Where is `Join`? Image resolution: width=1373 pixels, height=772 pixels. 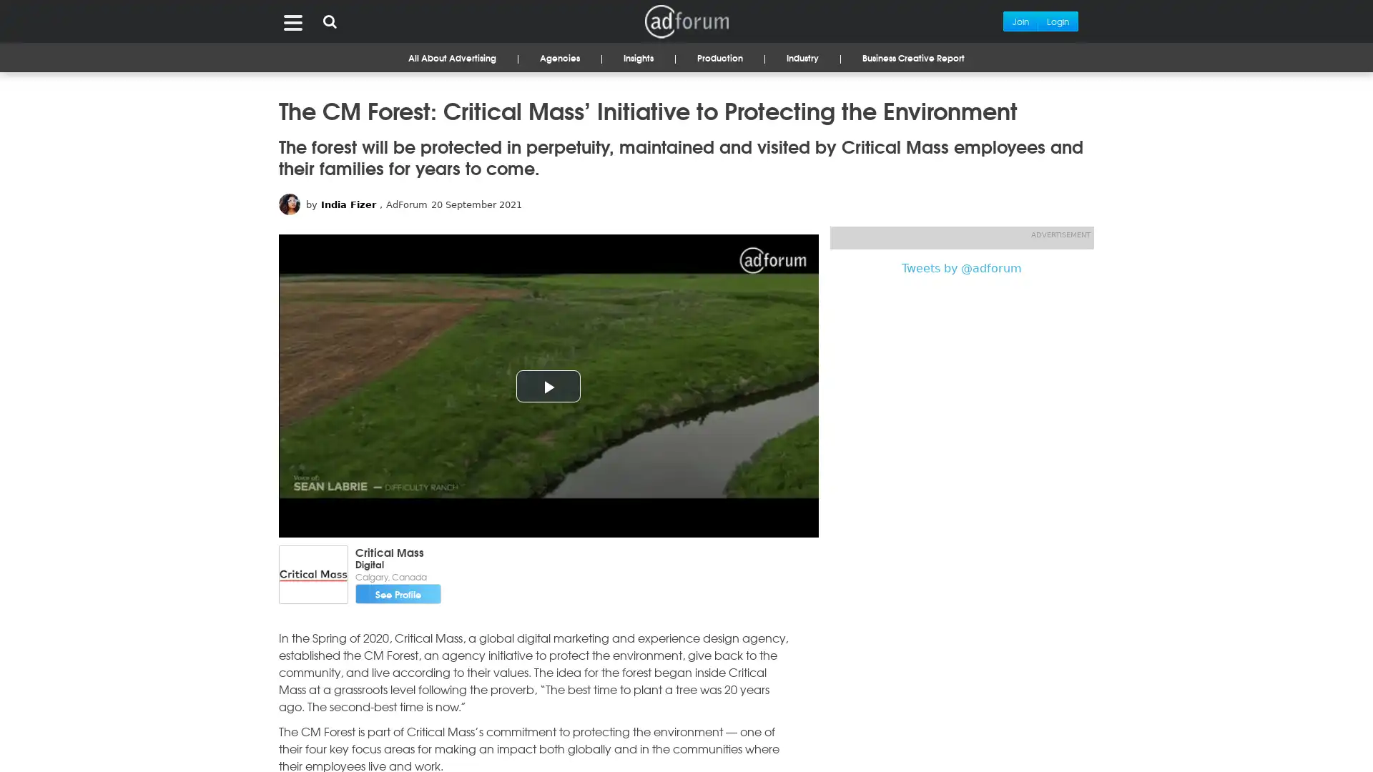
Join is located at coordinates (1020, 21).